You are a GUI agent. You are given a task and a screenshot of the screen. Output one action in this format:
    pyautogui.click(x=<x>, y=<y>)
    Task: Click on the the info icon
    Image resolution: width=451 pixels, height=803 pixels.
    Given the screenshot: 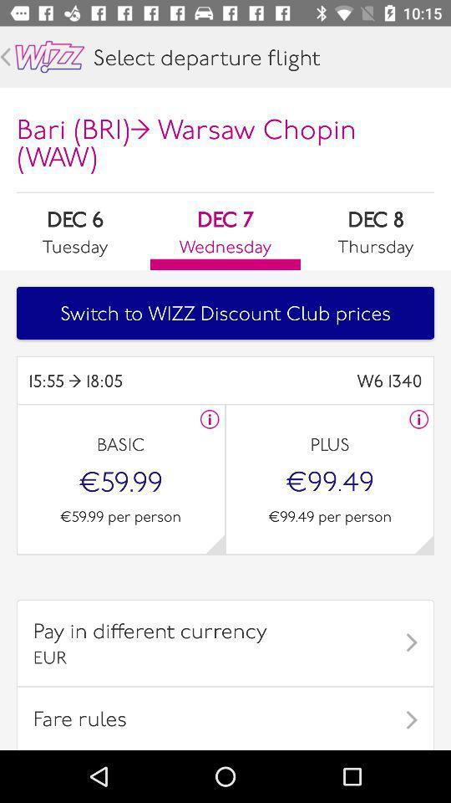 What is the action you would take?
    pyautogui.click(x=210, y=418)
    